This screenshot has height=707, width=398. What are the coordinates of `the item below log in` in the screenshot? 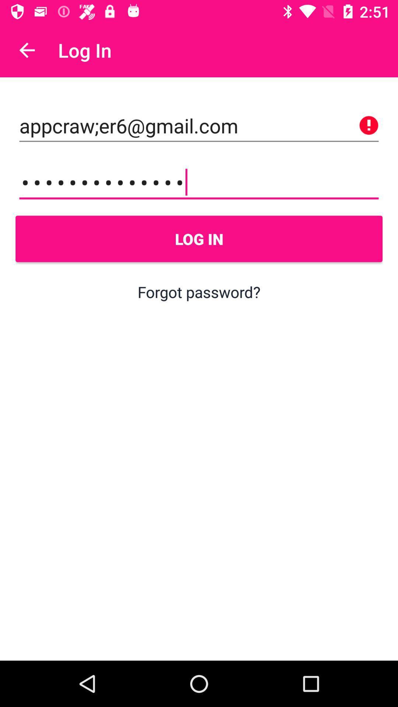 It's located at (199, 291).